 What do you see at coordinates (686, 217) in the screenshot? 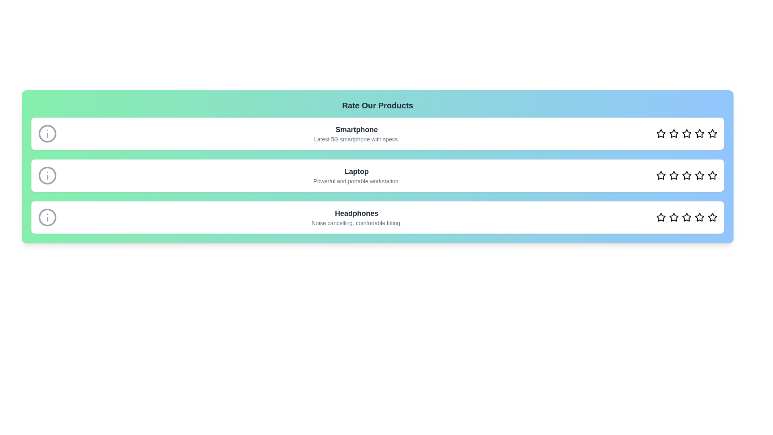
I see `the fourth black star icon with a hollow center in the horizontal group of rating stars located in the 'Headphones' section` at bounding box center [686, 217].